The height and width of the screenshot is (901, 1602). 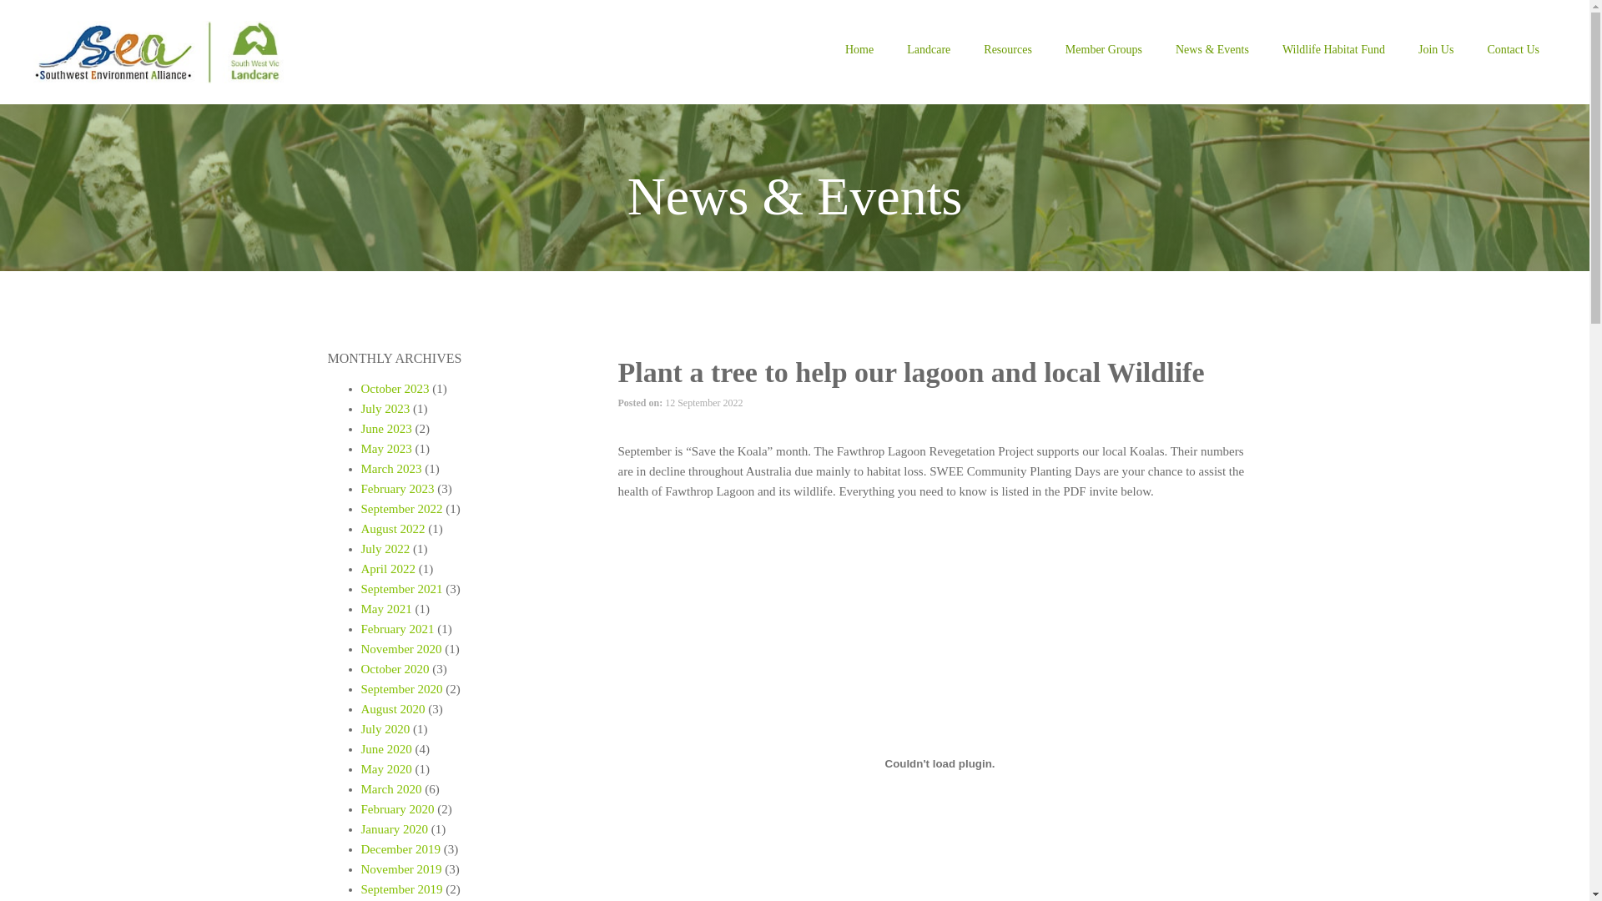 What do you see at coordinates (1212, 51) in the screenshot?
I see `'News & Events'` at bounding box center [1212, 51].